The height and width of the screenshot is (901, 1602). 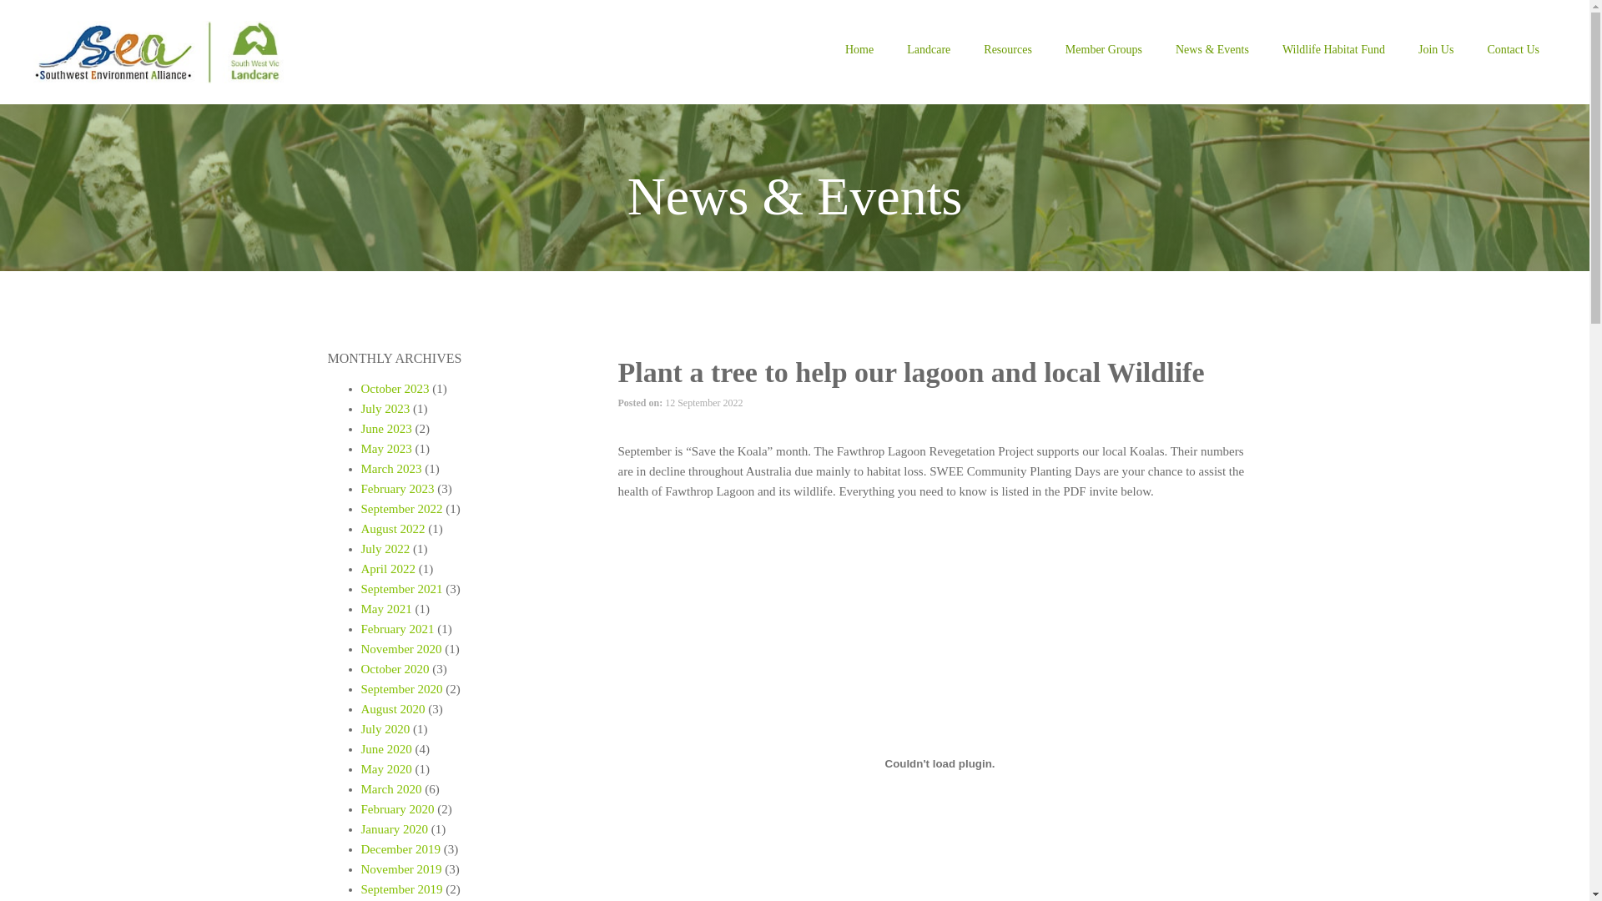 What do you see at coordinates (1212, 51) in the screenshot?
I see `'News & Events'` at bounding box center [1212, 51].